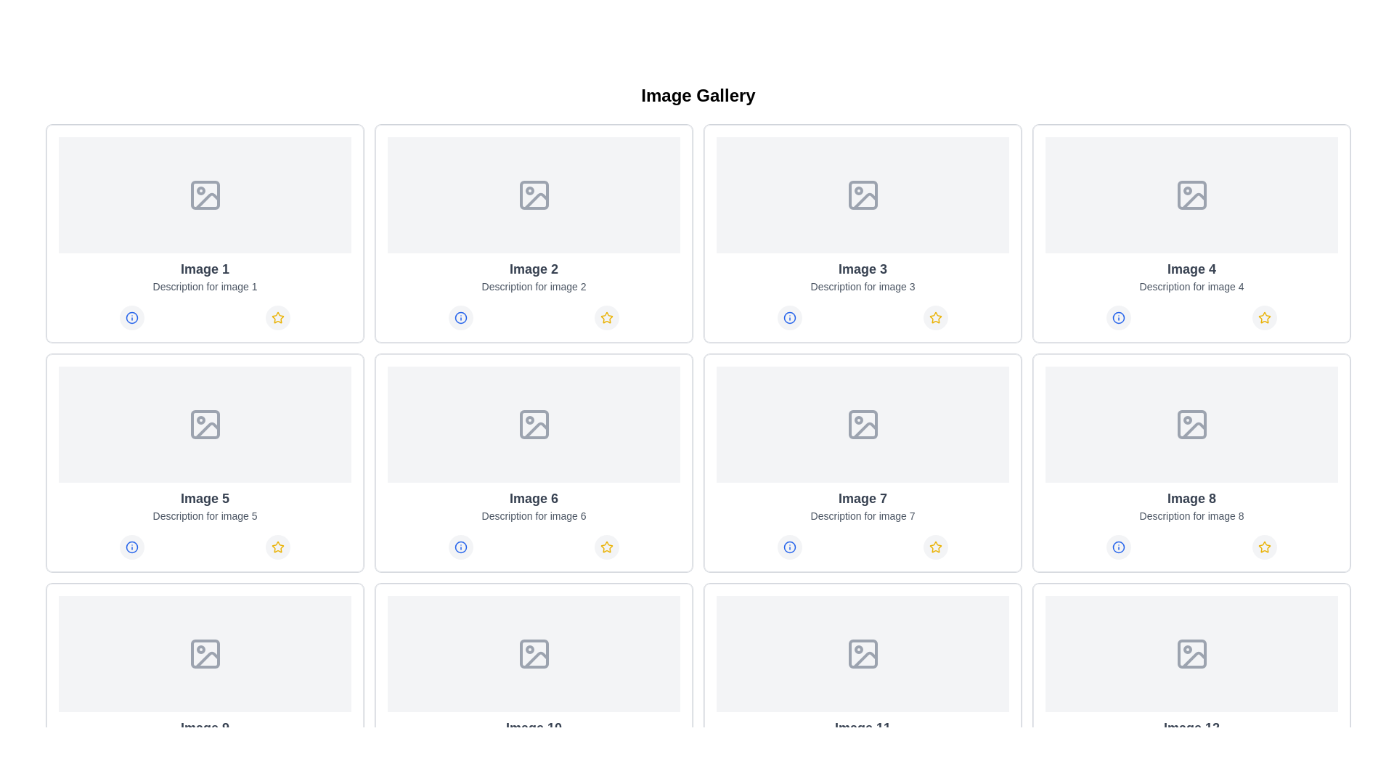 The image size is (1394, 784). Describe the element at coordinates (533, 462) in the screenshot. I see `to select the Card titled 'Image 6', which is located in the second row and second column of the grid layout` at that location.